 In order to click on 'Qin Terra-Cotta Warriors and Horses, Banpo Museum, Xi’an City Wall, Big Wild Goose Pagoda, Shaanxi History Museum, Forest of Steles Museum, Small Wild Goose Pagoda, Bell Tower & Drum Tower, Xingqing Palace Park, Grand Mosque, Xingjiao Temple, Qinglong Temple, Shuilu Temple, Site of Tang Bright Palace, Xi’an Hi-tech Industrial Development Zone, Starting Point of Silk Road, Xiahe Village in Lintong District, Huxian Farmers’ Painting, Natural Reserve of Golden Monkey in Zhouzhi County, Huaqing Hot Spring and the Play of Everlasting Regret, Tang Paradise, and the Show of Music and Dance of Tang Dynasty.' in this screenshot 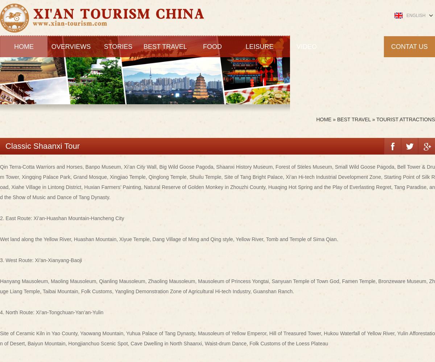, I will do `click(217, 182)`.